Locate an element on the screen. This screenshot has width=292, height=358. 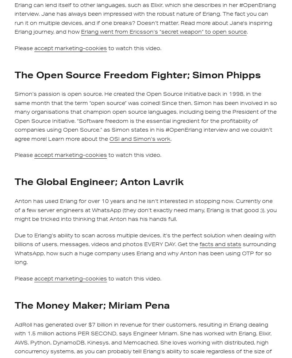
'Erlang can lend itself to other languages, such as Elixir, which she describes in her #OpenErlang interview. Jane has always been impressed with the robust nature of Erlang. The fact you can run it on multiple devices, and if one breaks? Doesn’t matter. Read more about Jane’s inspiring Erlang journey, and how' is located at coordinates (145, 18).